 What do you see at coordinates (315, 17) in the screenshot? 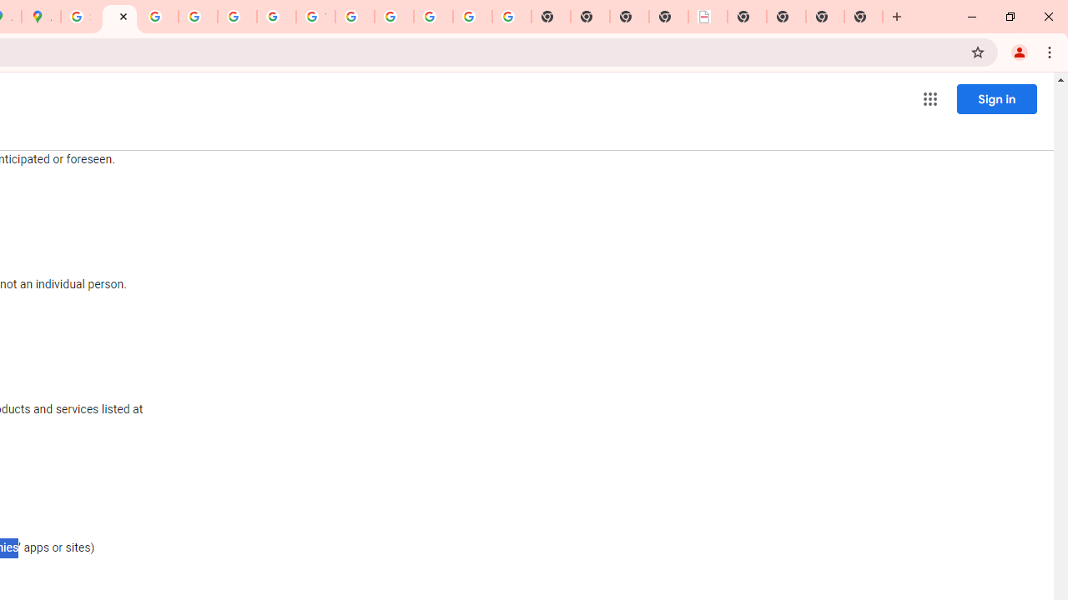
I see `'YouTube'` at bounding box center [315, 17].